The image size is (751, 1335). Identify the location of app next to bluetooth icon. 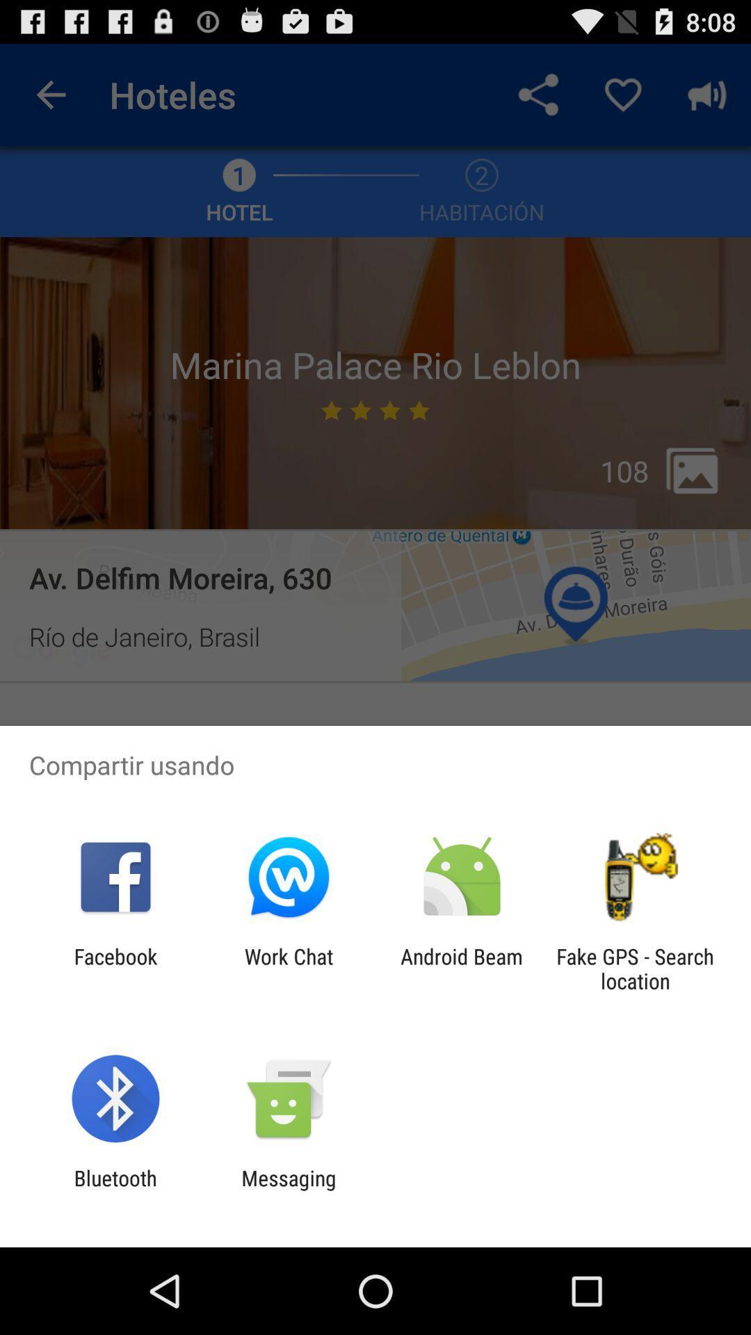
(288, 1190).